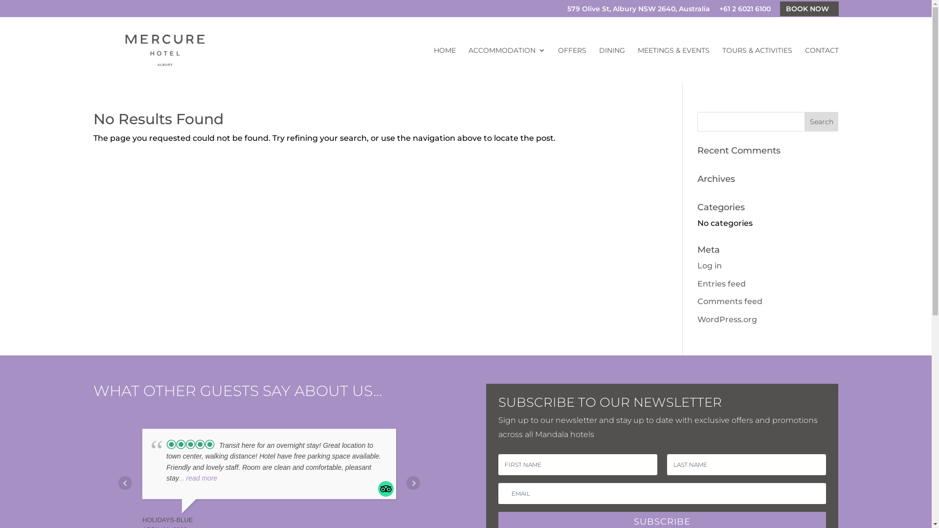  I want to click on 'BOOK NOW', so click(809, 8).